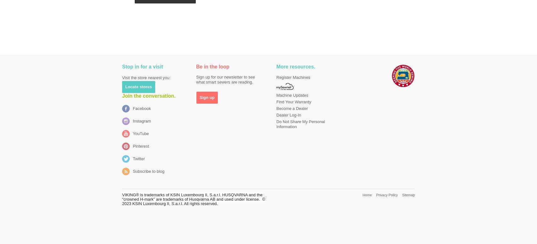  What do you see at coordinates (140, 146) in the screenshot?
I see `'Pinterest'` at bounding box center [140, 146].